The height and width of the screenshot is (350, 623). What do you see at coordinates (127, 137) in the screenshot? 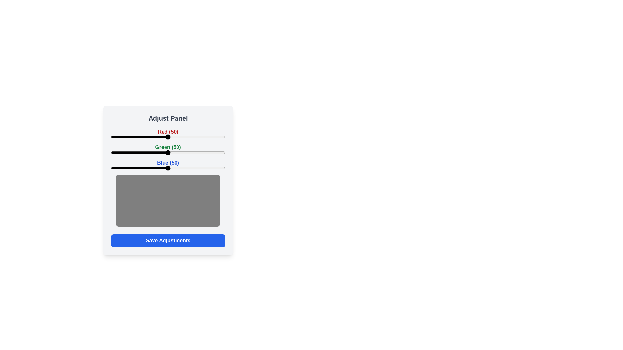
I see `the red slider to 14` at bounding box center [127, 137].